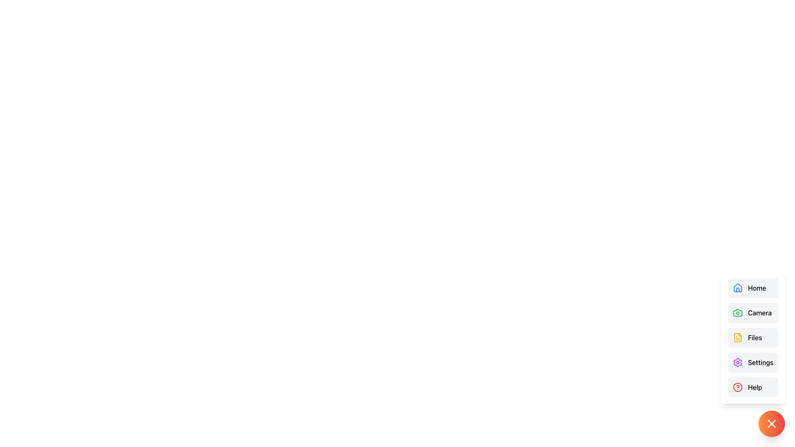  What do you see at coordinates (738, 313) in the screenshot?
I see `the green camera icon in the sidebar menu located in the second row, directly to the left of the text 'Camera'` at bounding box center [738, 313].